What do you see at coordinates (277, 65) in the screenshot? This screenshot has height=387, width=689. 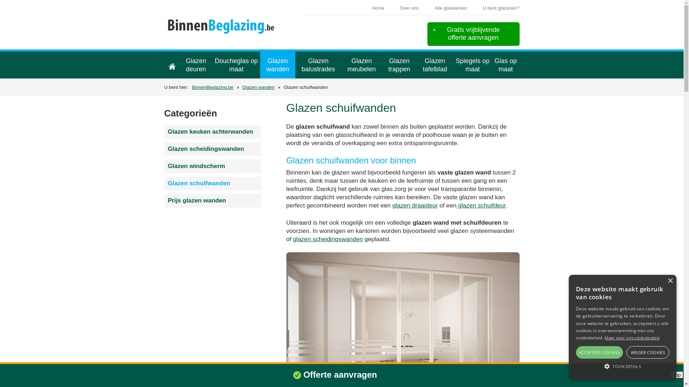 I see `'Glazen wanden'` at bounding box center [277, 65].